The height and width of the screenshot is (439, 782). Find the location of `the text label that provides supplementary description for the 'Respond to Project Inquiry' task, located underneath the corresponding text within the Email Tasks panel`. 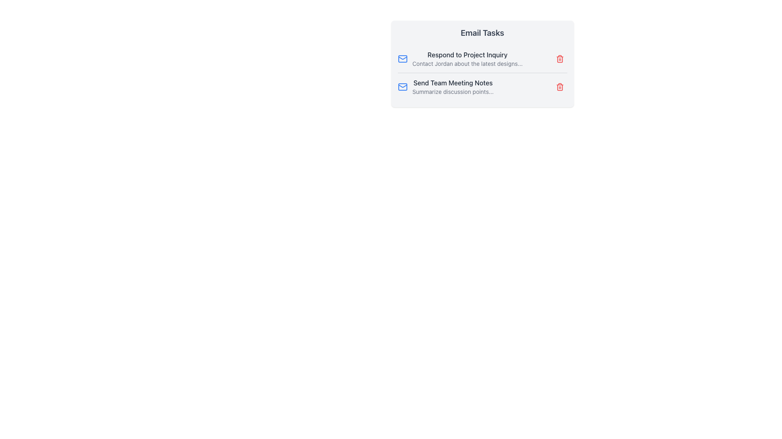

the text label that provides supplementary description for the 'Respond to Project Inquiry' task, located underneath the corresponding text within the Email Tasks panel is located at coordinates (467, 63).